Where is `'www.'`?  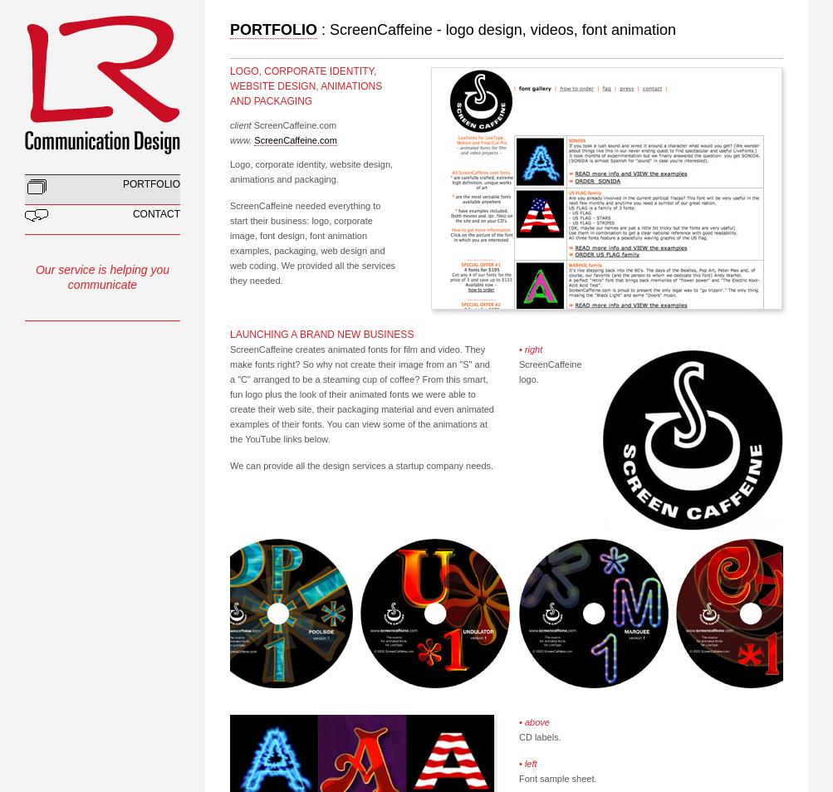 'www.' is located at coordinates (240, 139).